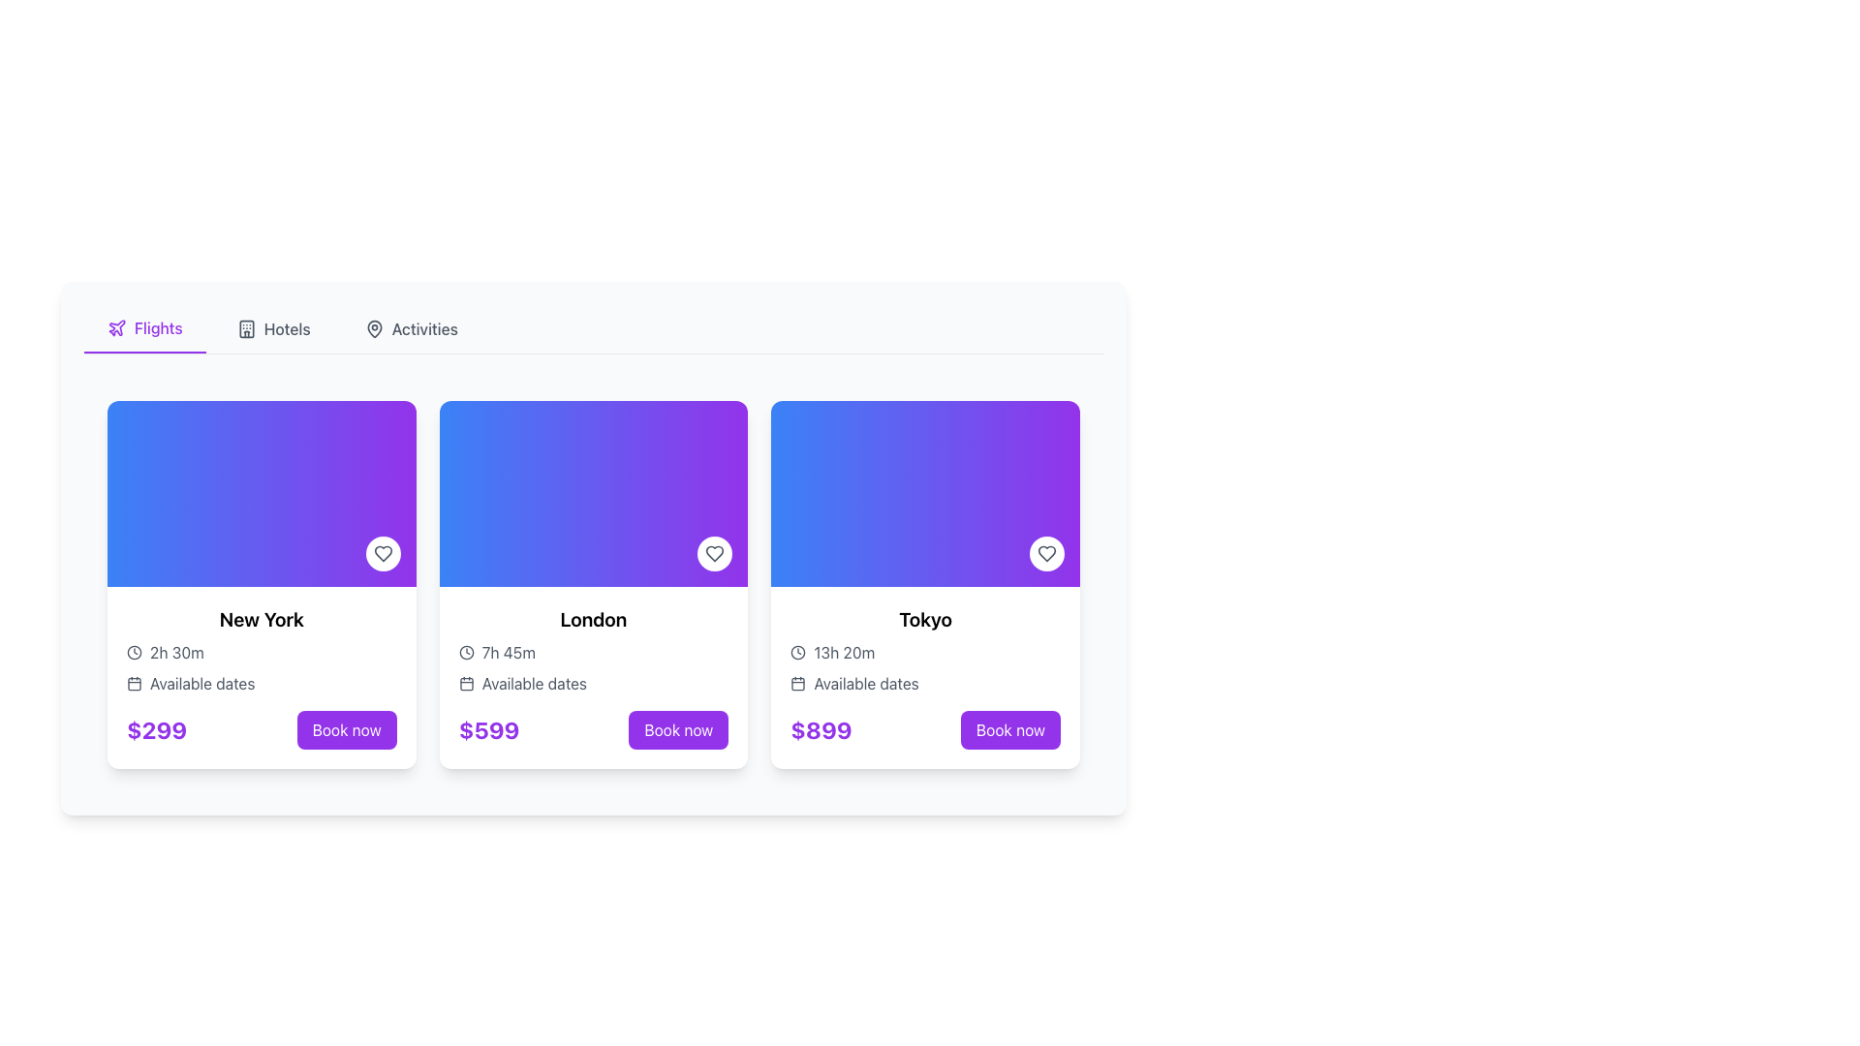 This screenshot has width=1860, height=1046. Describe the element at coordinates (1045, 553) in the screenshot. I see `the 'like' or 'favorite' button located at the bottom-right corner of the Tokyo flight card` at that location.